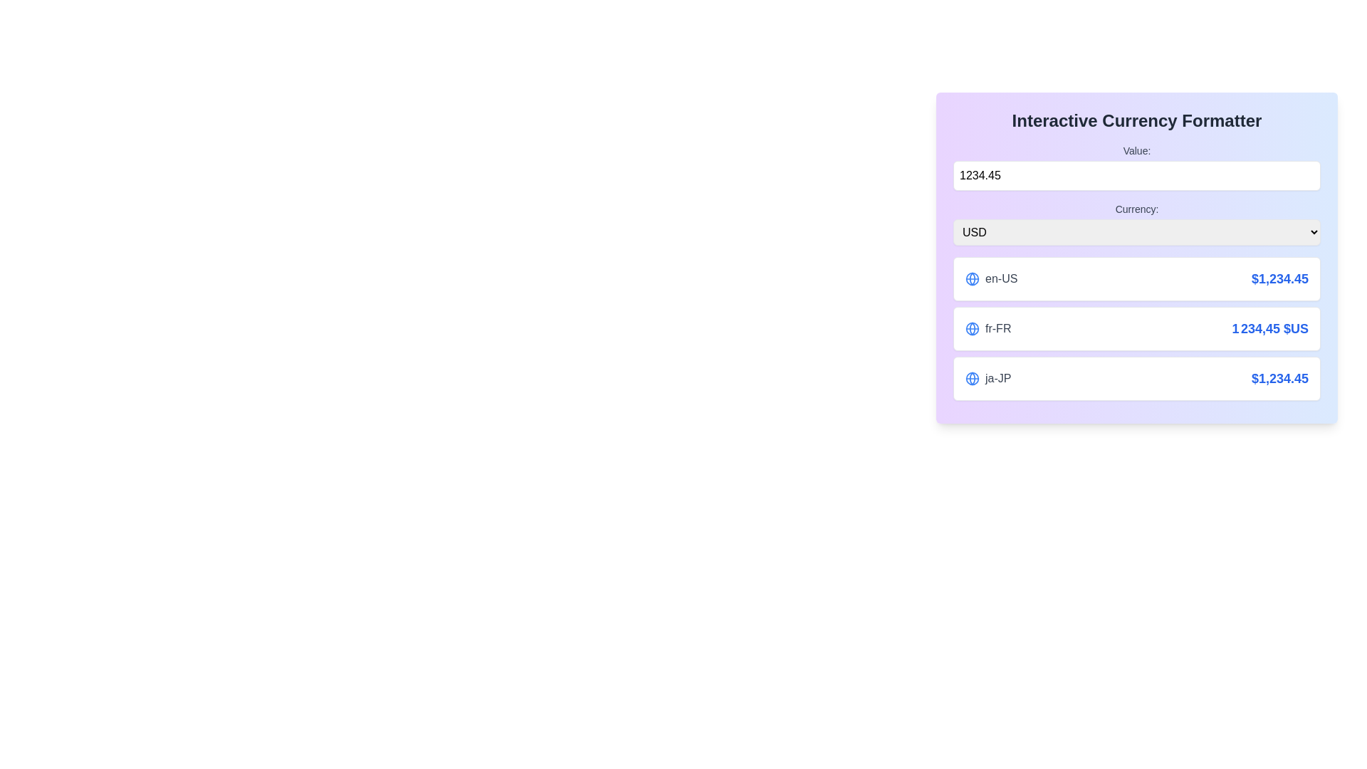  Describe the element at coordinates (987, 378) in the screenshot. I see `the globe icon next` at that location.